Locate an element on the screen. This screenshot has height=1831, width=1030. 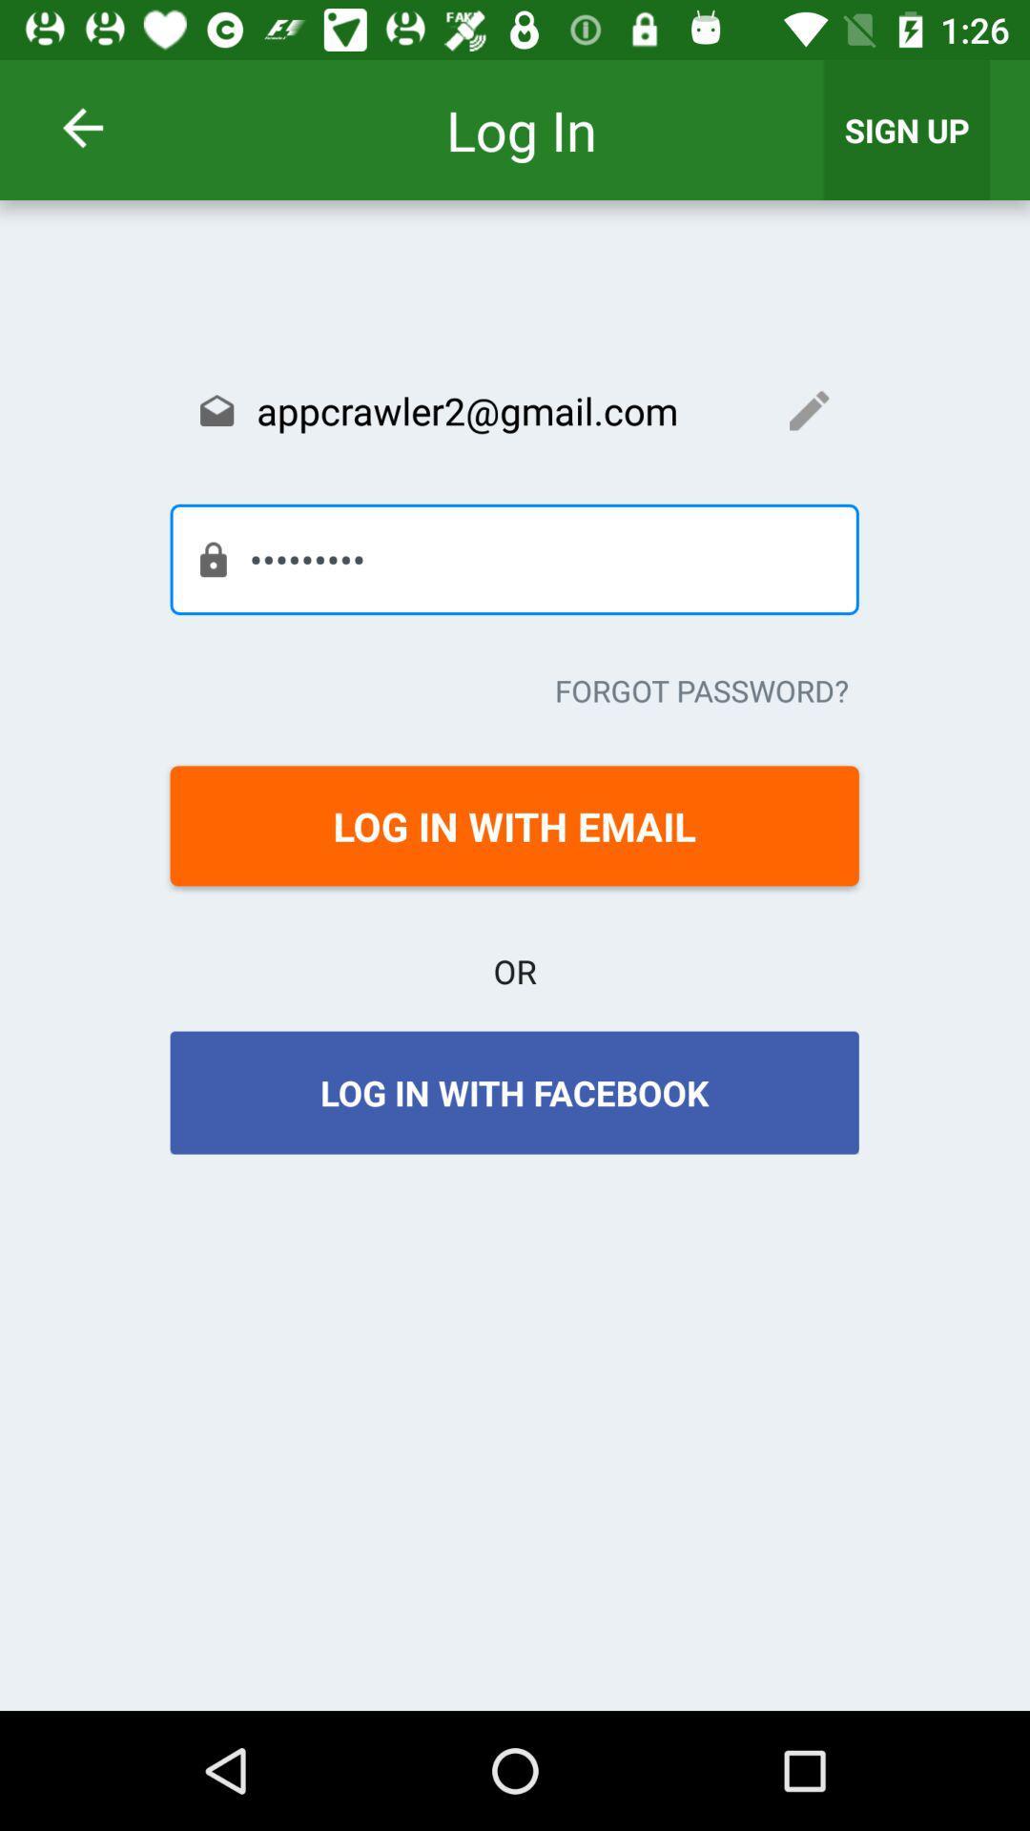
the item below appcrawler2@gmail.com icon is located at coordinates (513, 558).